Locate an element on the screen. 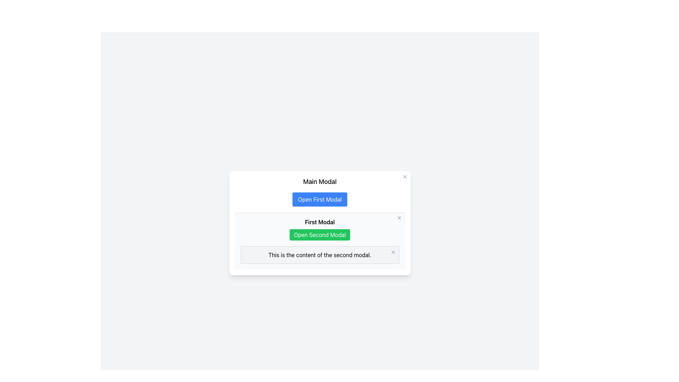 The image size is (679, 382). the 'First Modal' static text label, which is styled with a bold font, located centrally in the header area of the modal dialog box, positioned between the close button and the 'Open Second Modal' button is located at coordinates (319, 222).